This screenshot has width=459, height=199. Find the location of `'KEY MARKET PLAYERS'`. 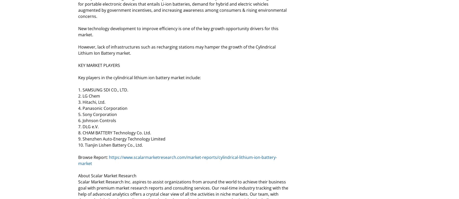

'KEY MARKET PLAYERS' is located at coordinates (99, 65).